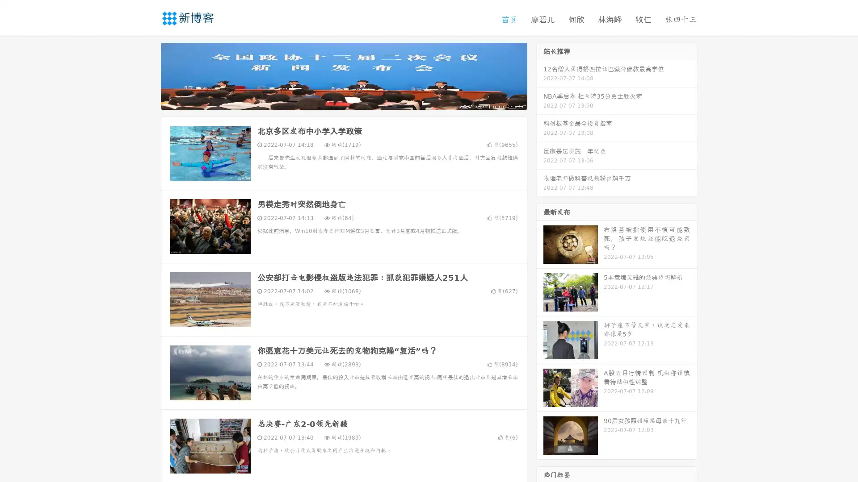  What do you see at coordinates (343, 100) in the screenshot?
I see `Go to slide 2` at bounding box center [343, 100].